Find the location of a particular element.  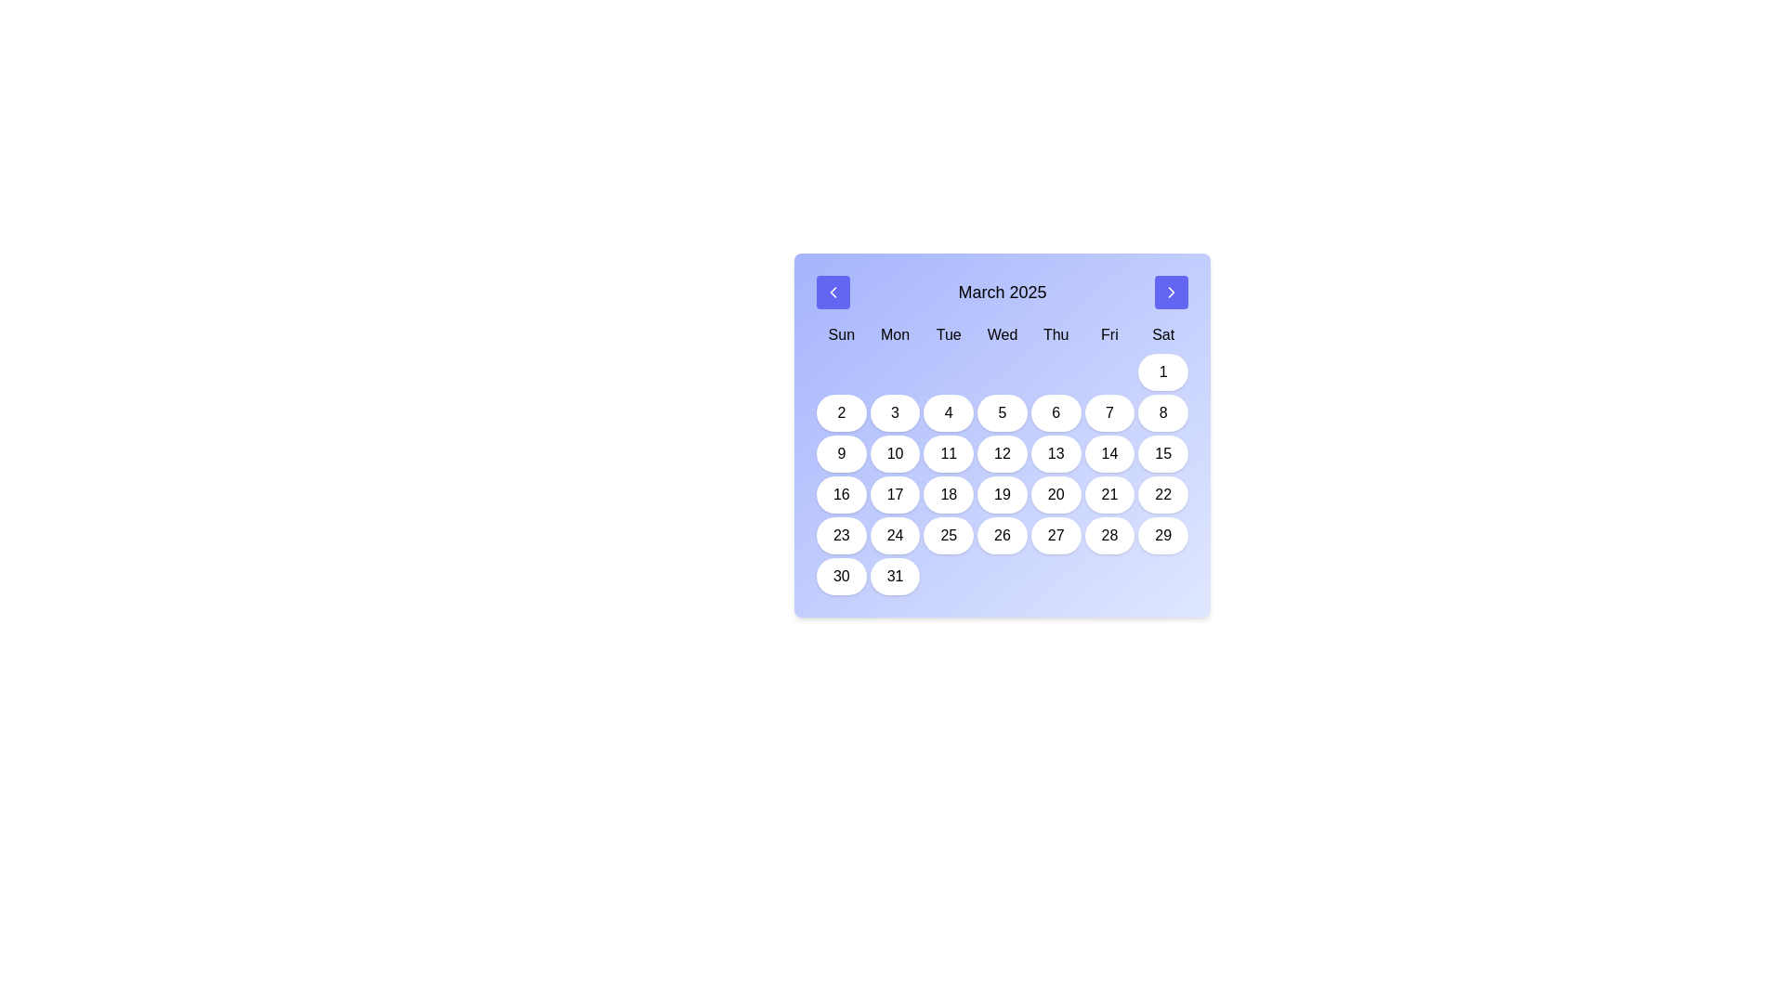

the 'Tuesday' text label in the calendar view, which is positioned in the third spot of a row of days, located underneath the month header is located at coordinates (949, 335).